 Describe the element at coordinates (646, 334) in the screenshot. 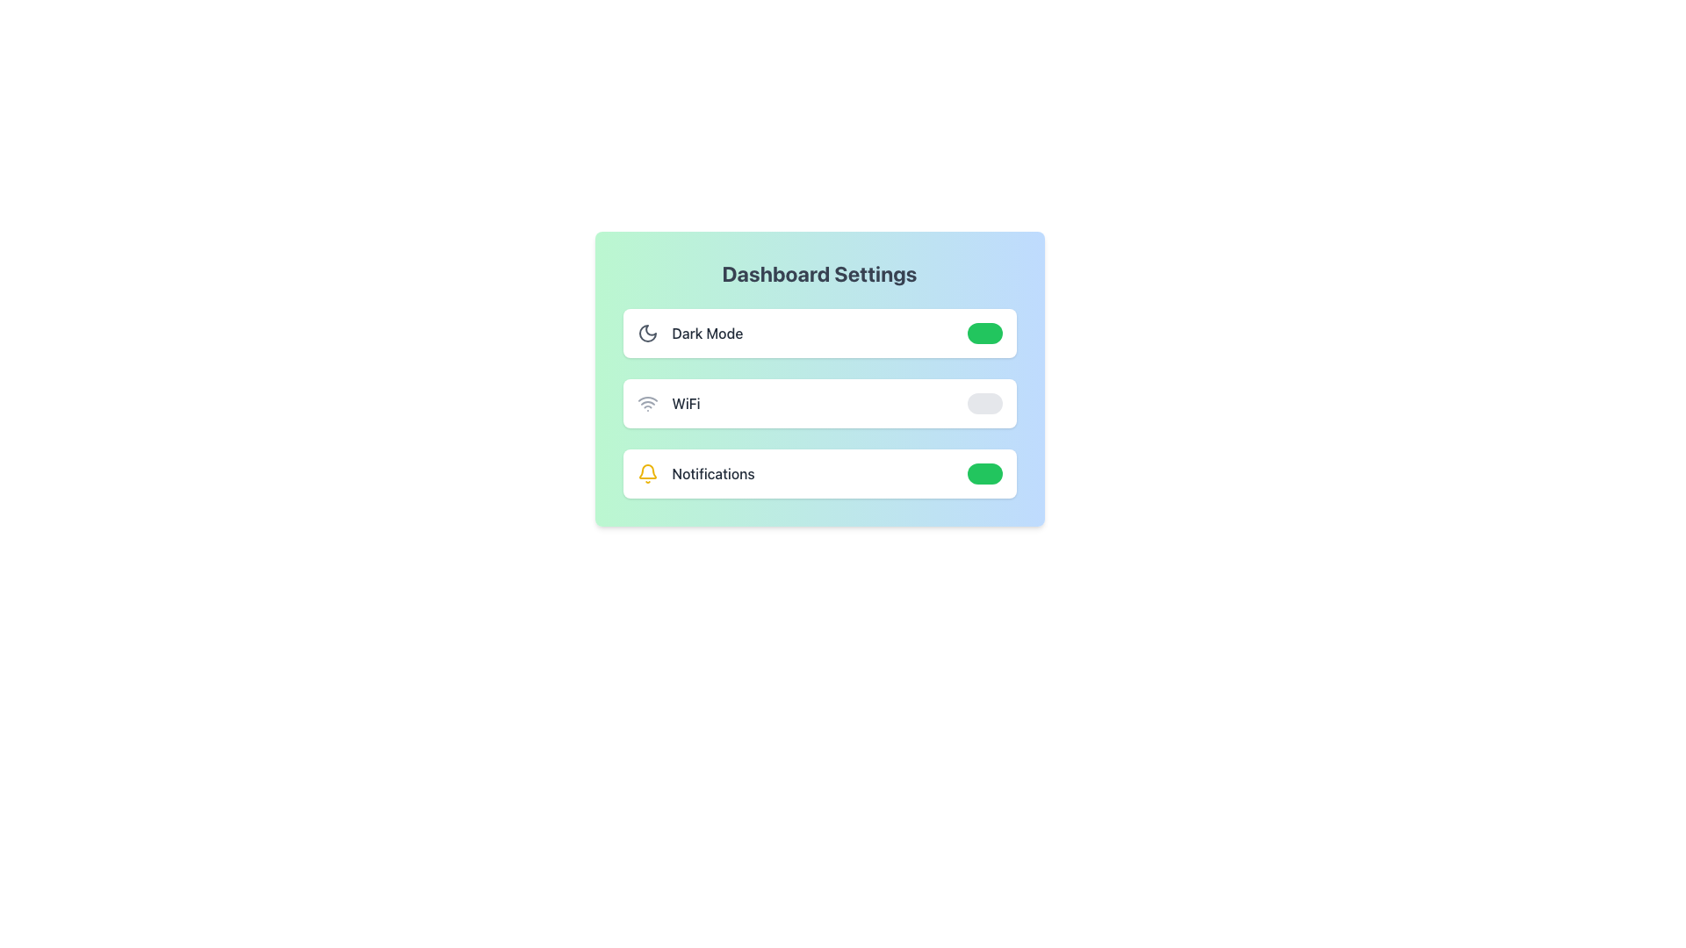

I see `the moon icon in the 'Dark Mode' section of the settings panel, which is a minimalistic gray crescent moon symbol used for dark mode` at that location.